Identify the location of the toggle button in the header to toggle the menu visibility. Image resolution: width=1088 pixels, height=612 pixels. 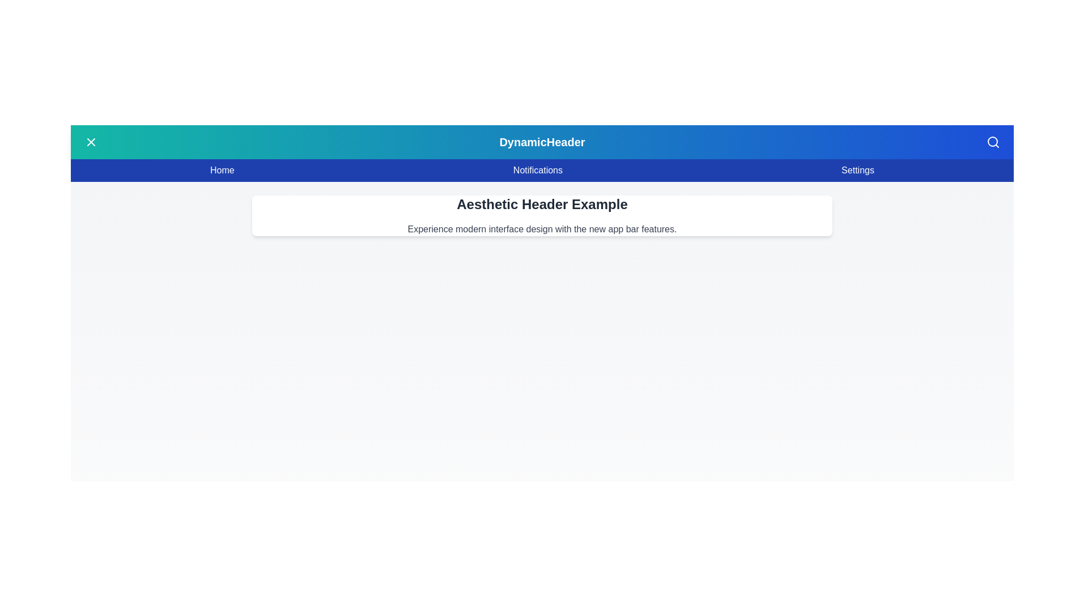
(91, 141).